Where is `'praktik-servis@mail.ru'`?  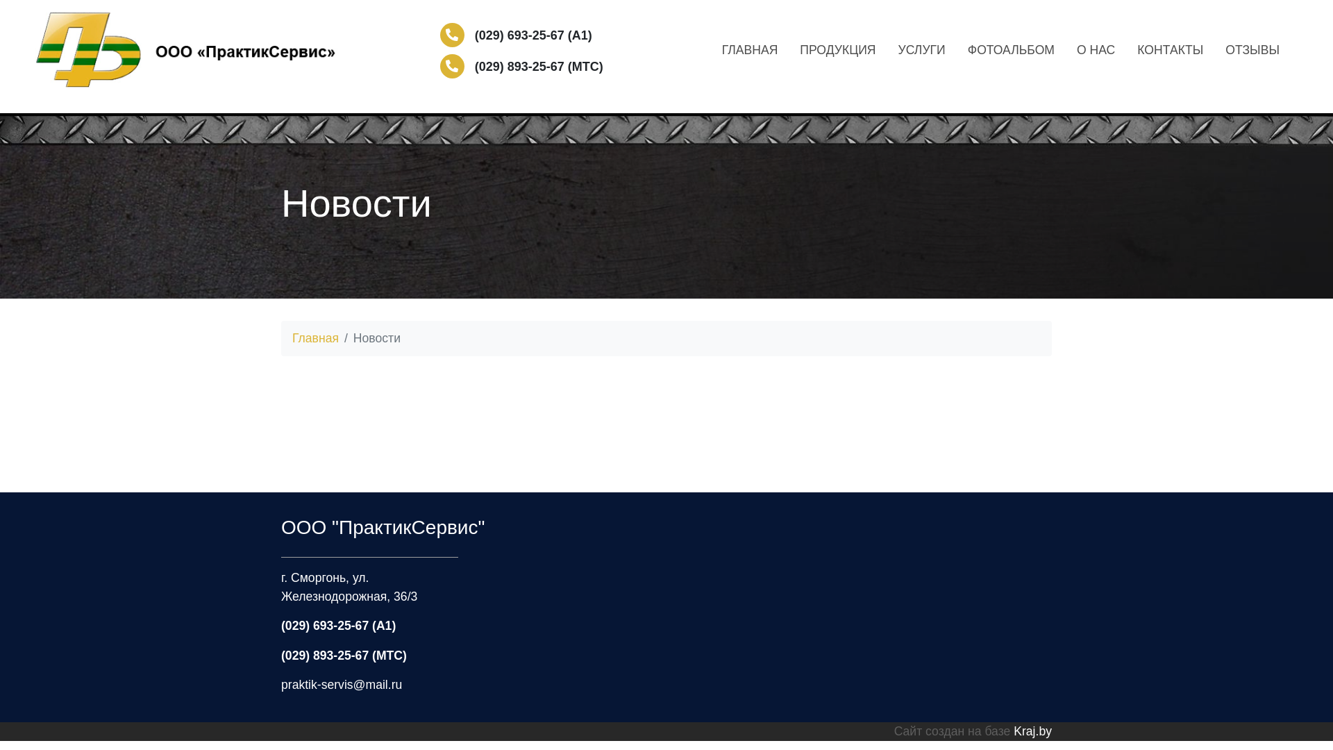
'praktik-servis@mail.ru' is located at coordinates (341, 684).